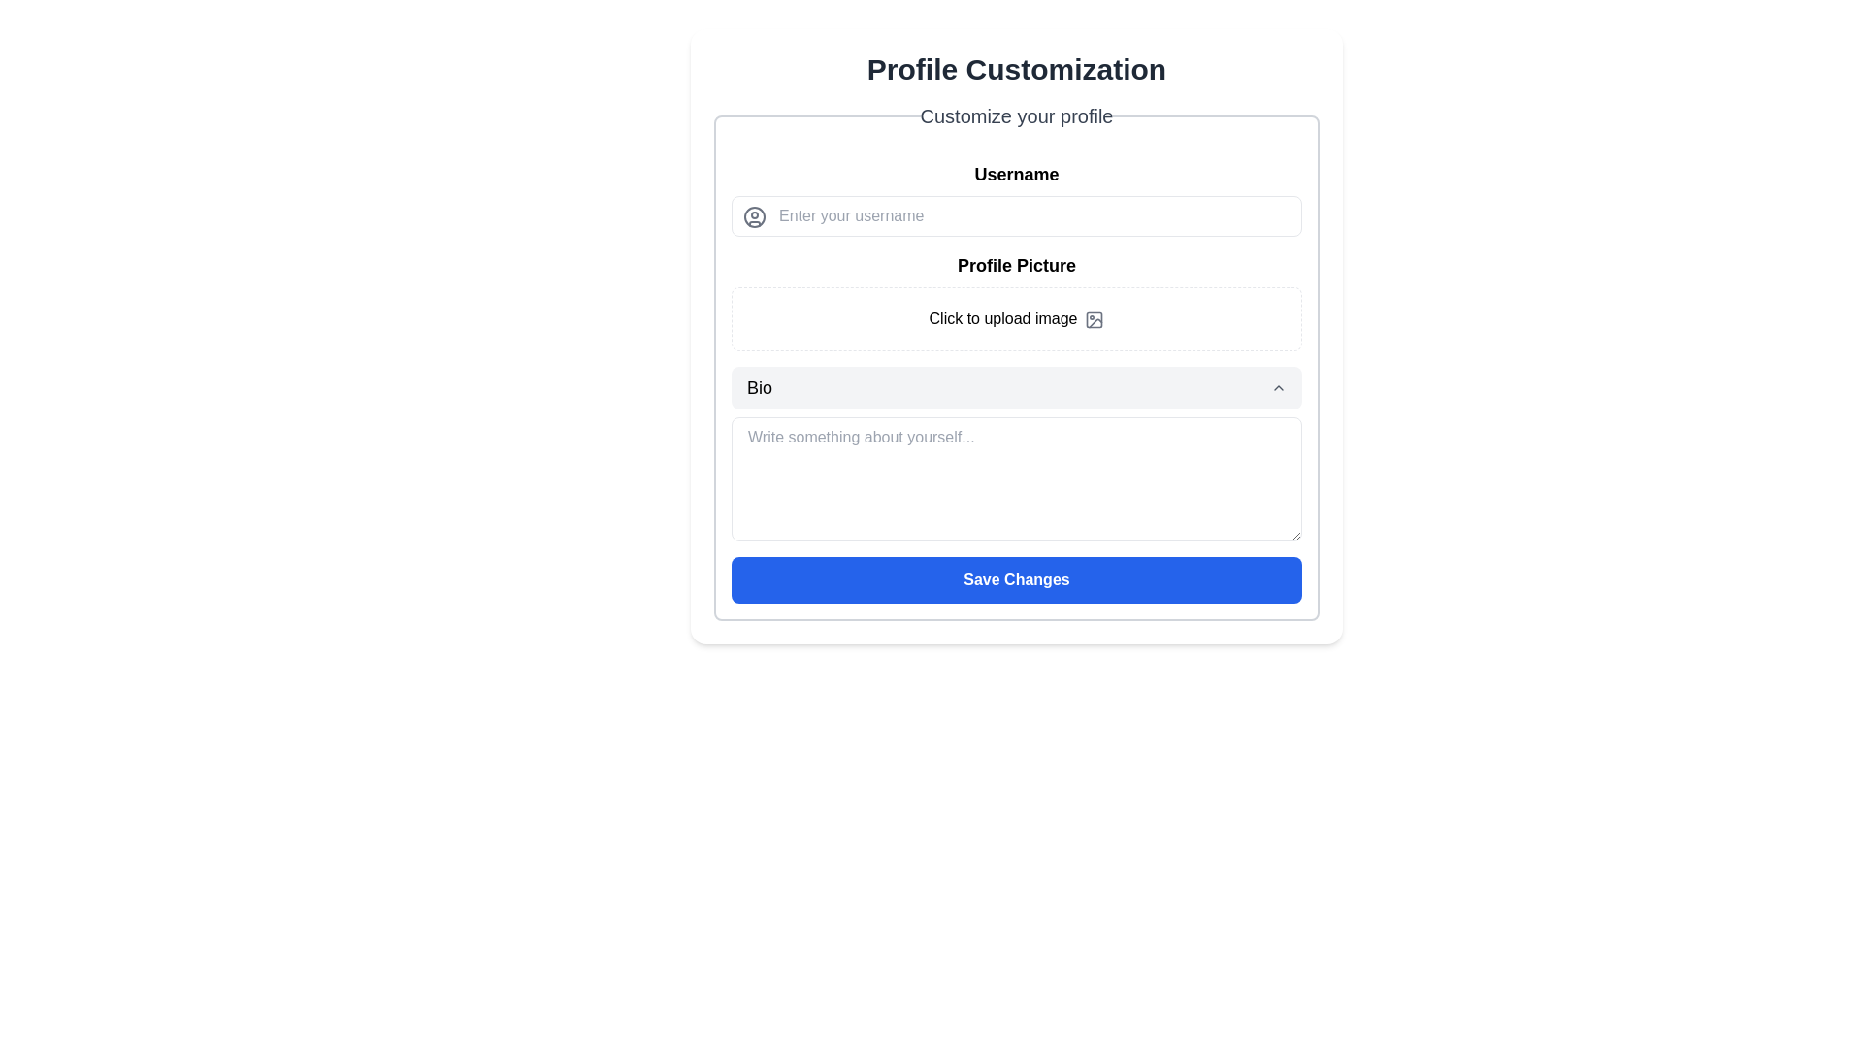 This screenshot has width=1863, height=1048. Describe the element at coordinates (753, 216) in the screenshot. I see `the SVG circle element that is part of the icon in front of the 'Username' text input field` at that location.